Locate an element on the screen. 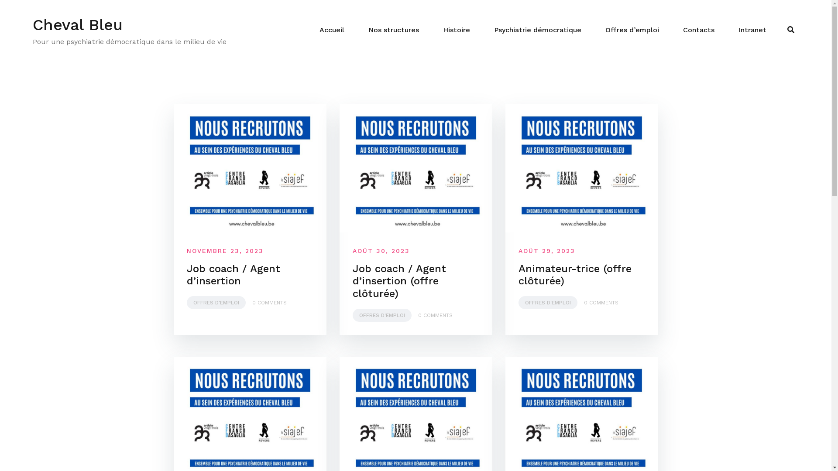 The width and height of the screenshot is (838, 471). 'Histoire' is located at coordinates (443, 30).